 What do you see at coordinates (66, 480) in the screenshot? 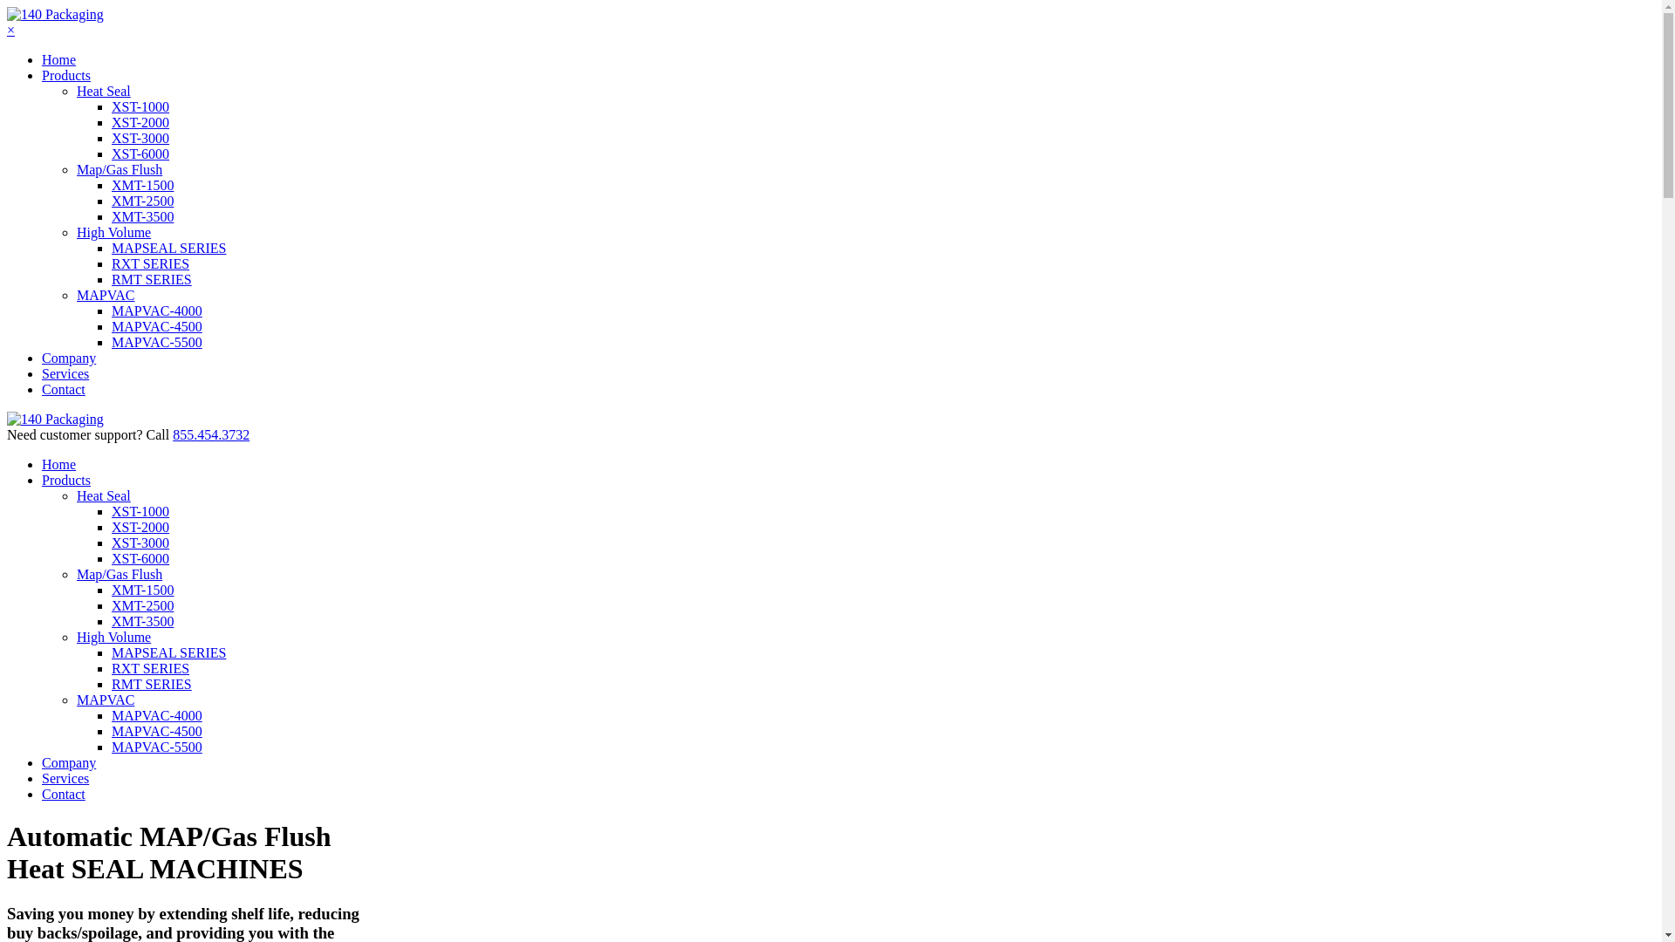
I see `'Products'` at bounding box center [66, 480].